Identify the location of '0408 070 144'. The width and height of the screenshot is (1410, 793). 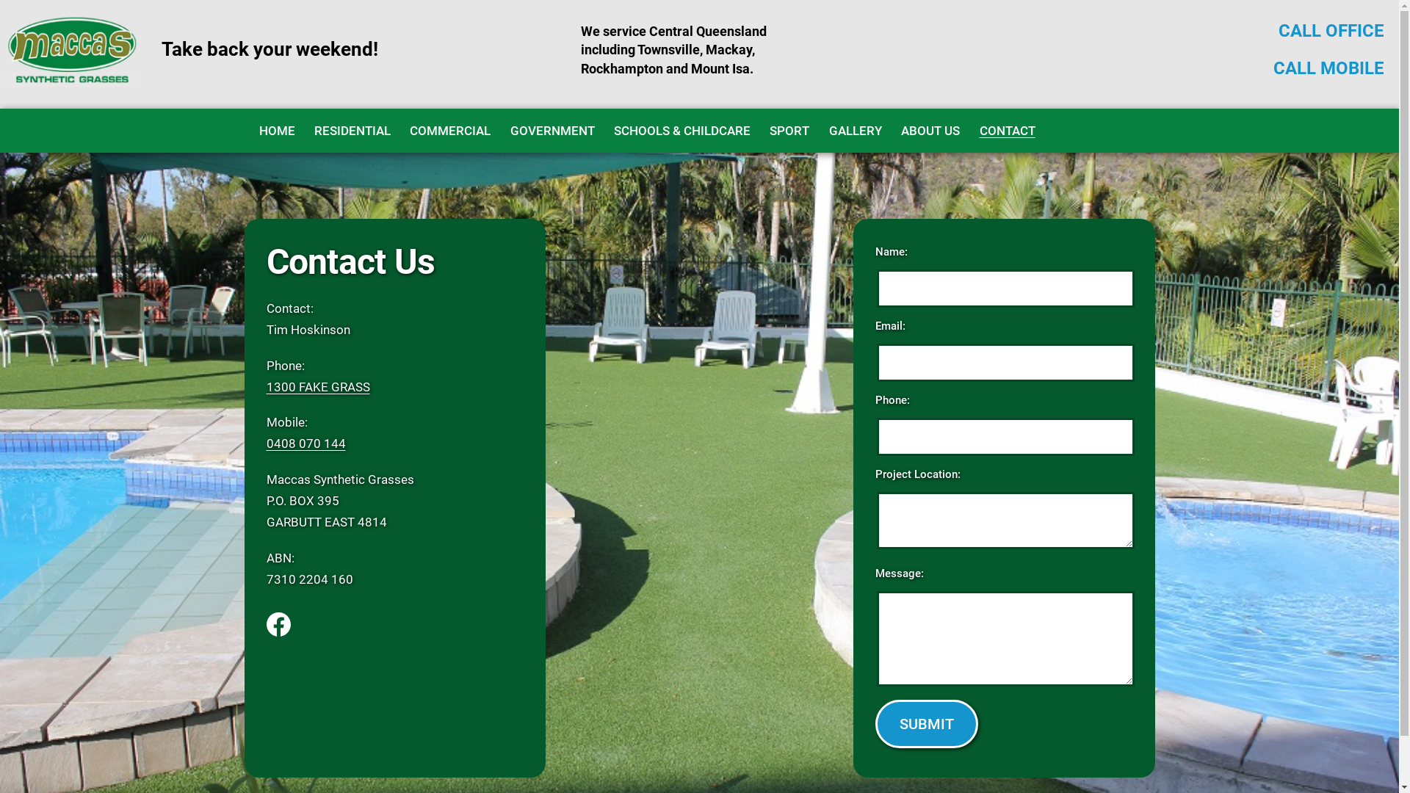
(305, 443).